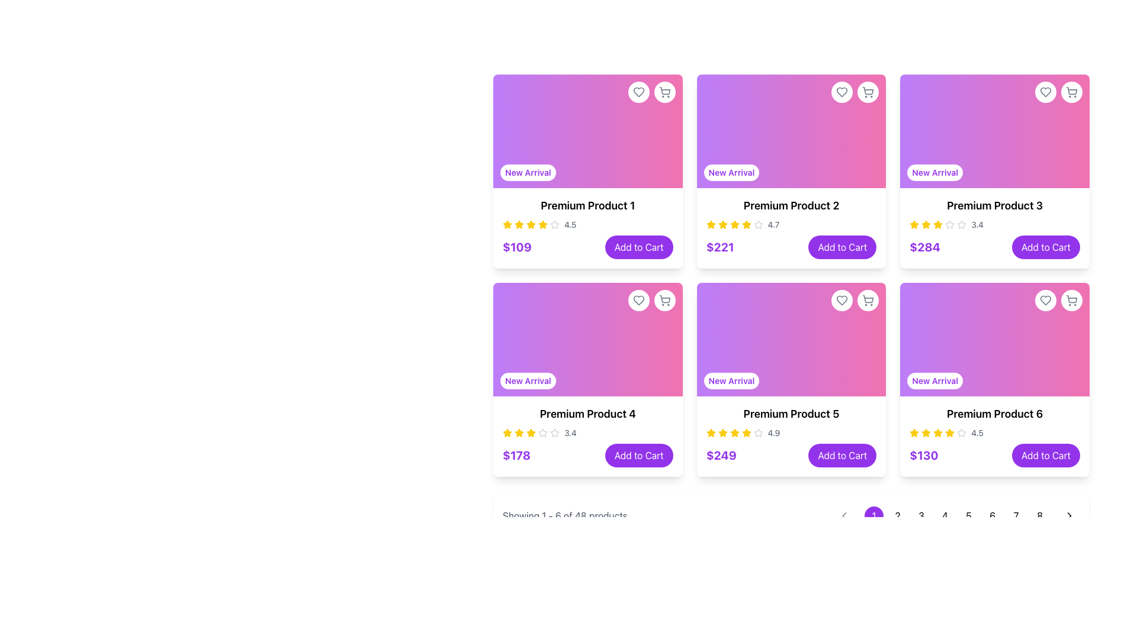 The height and width of the screenshot is (639, 1137). What do you see at coordinates (542, 433) in the screenshot?
I see `the third star in the five-star rating system located in the fourth product card of the second row to rate the product` at bounding box center [542, 433].